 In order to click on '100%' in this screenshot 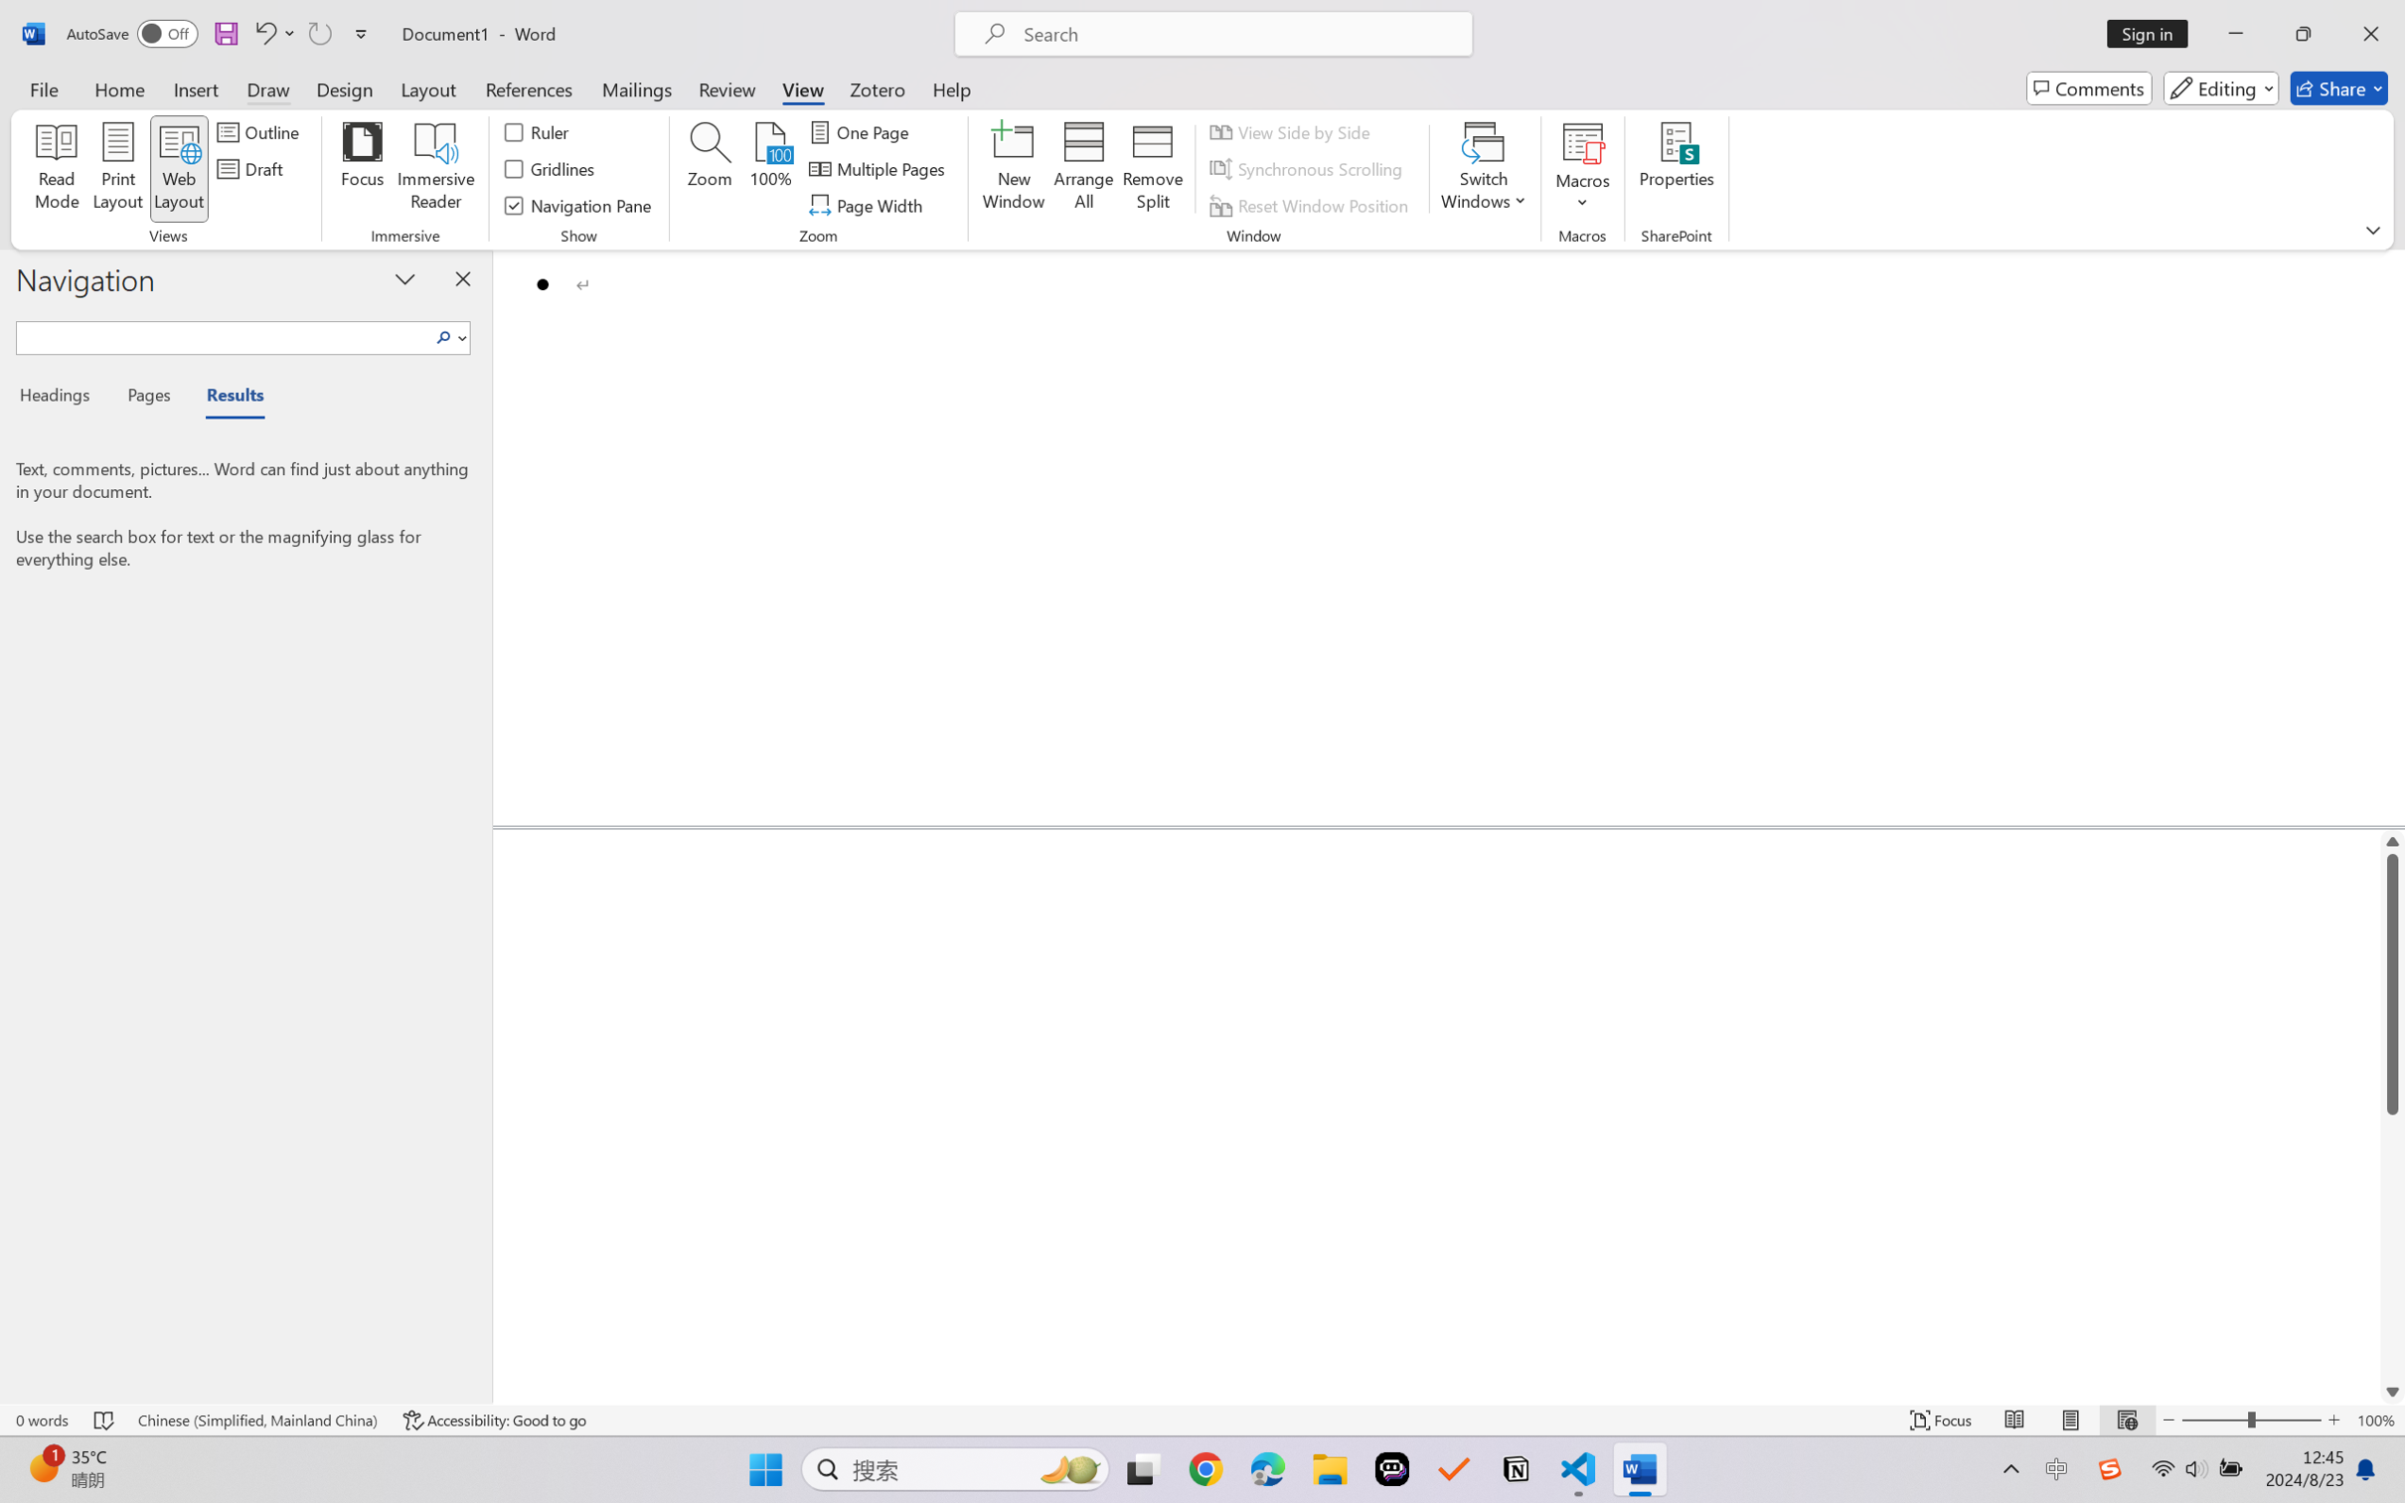, I will do `click(770, 169)`.